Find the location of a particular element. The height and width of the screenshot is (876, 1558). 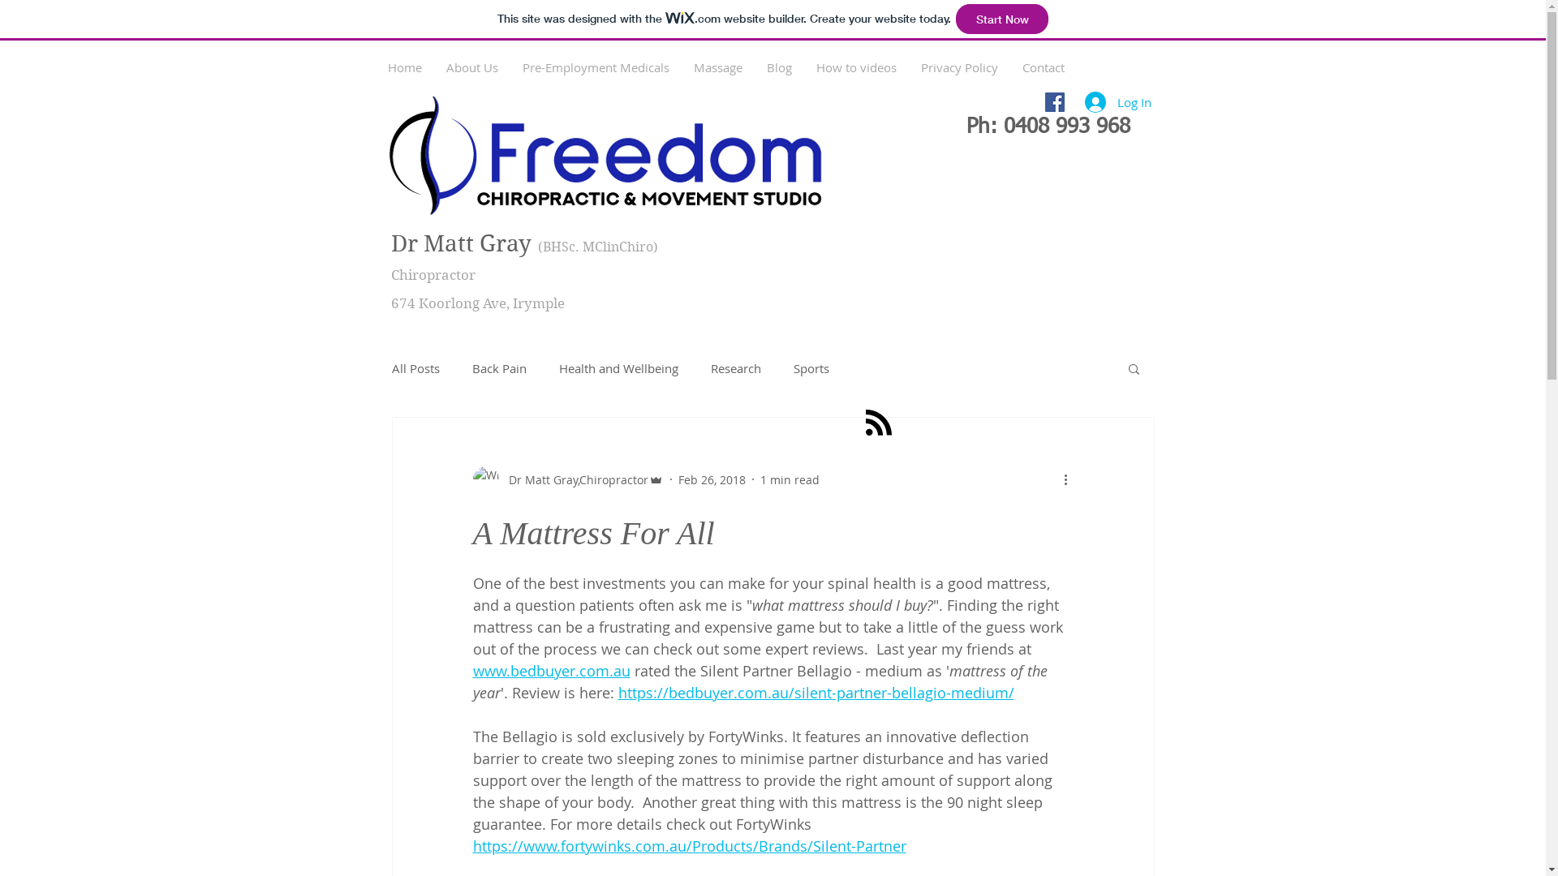

'https://www.fortywinks.com.au/Products/Brands/Silent-Partner' is located at coordinates (689, 844).